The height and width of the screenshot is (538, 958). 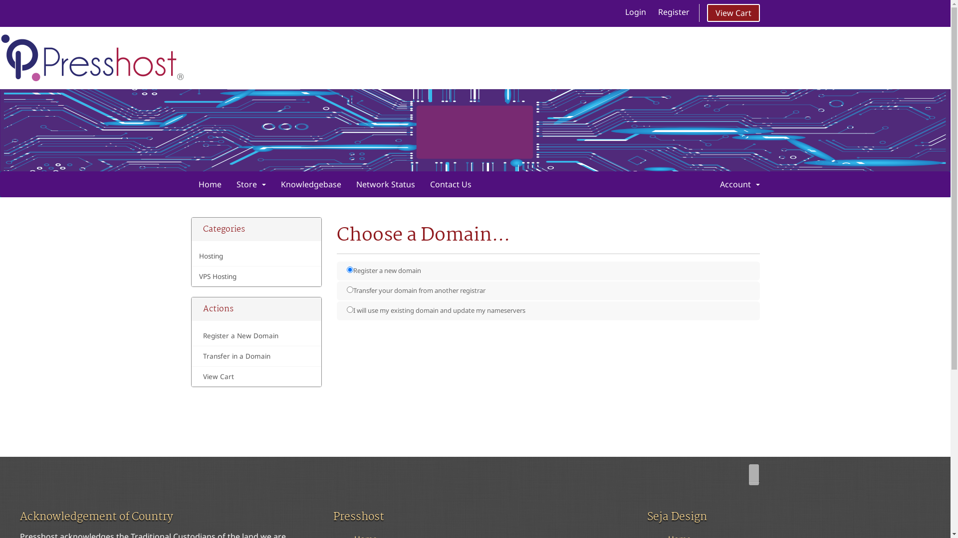 I want to click on 'Contact Us', so click(x=450, y=184).